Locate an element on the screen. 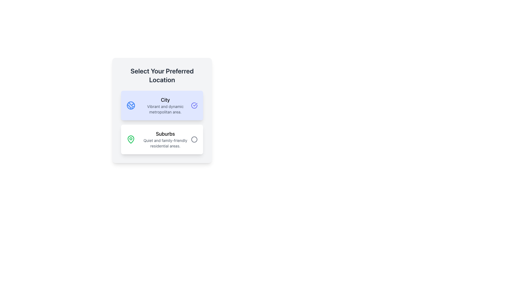 This screenshot has height=296, width=527. the description text of the 'Suburbs' option, which is located directly below the title 'Suburbs' in the interface, characterized as quiet and family-friendly is located at coordinates (165, 143).